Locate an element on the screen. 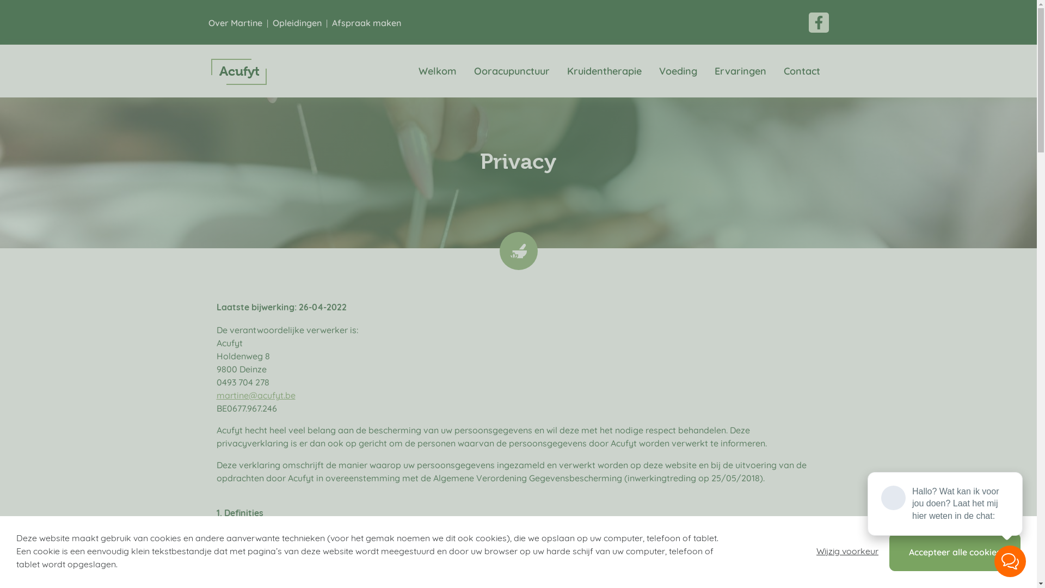 The width and height of the screenshot is (1045, 588). 'martine@acufyt.be' is located at coordinates (255, 395).